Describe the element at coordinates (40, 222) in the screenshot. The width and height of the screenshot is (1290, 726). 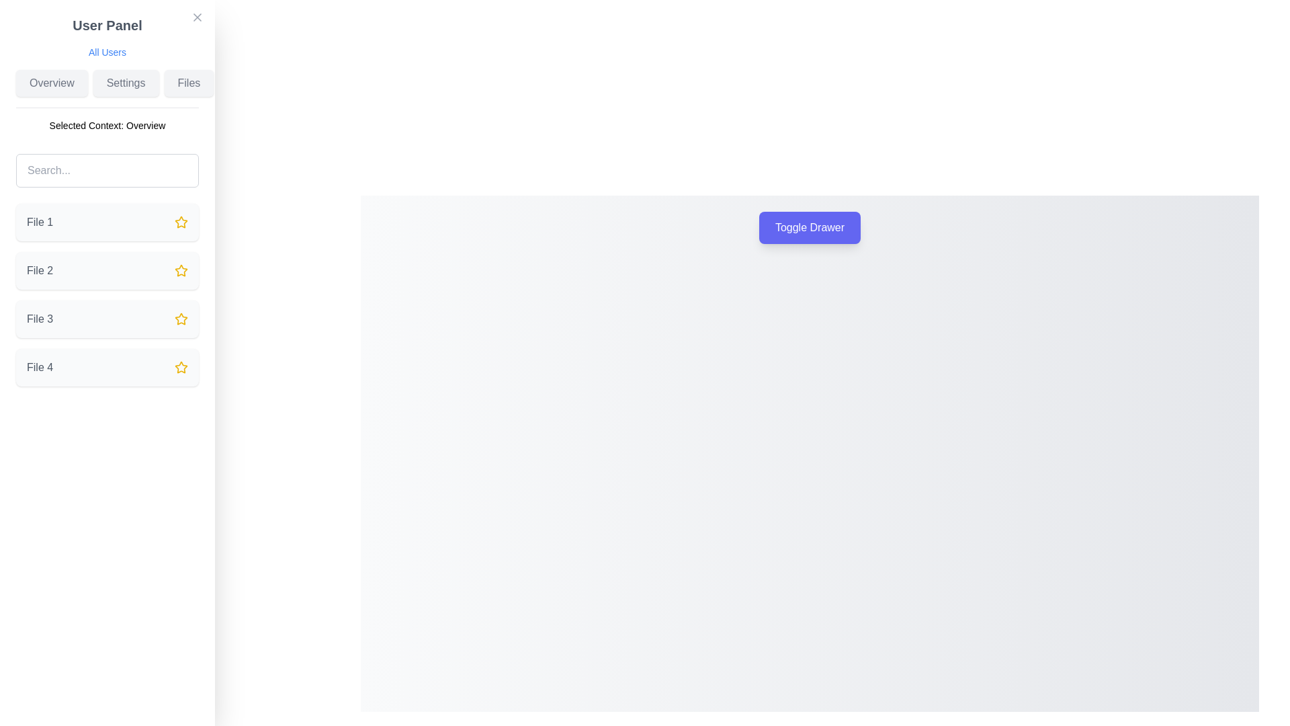
I see `the text label displaying 'File 1' located in the first list item of the vertical menu on the left side of the interface` at that location.